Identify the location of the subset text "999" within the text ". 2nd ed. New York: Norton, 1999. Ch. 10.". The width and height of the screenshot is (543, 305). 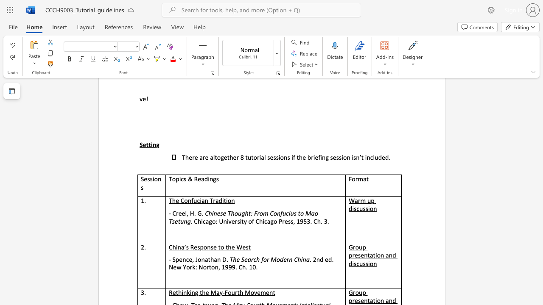
(225, 267).